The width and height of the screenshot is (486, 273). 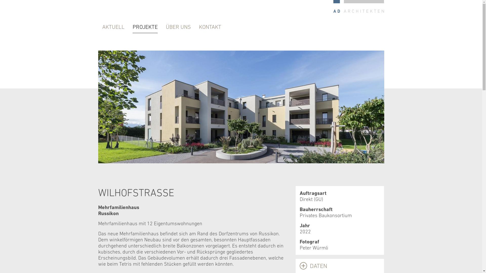 I want to click on 'DATEN', so click(x=340, y=266).